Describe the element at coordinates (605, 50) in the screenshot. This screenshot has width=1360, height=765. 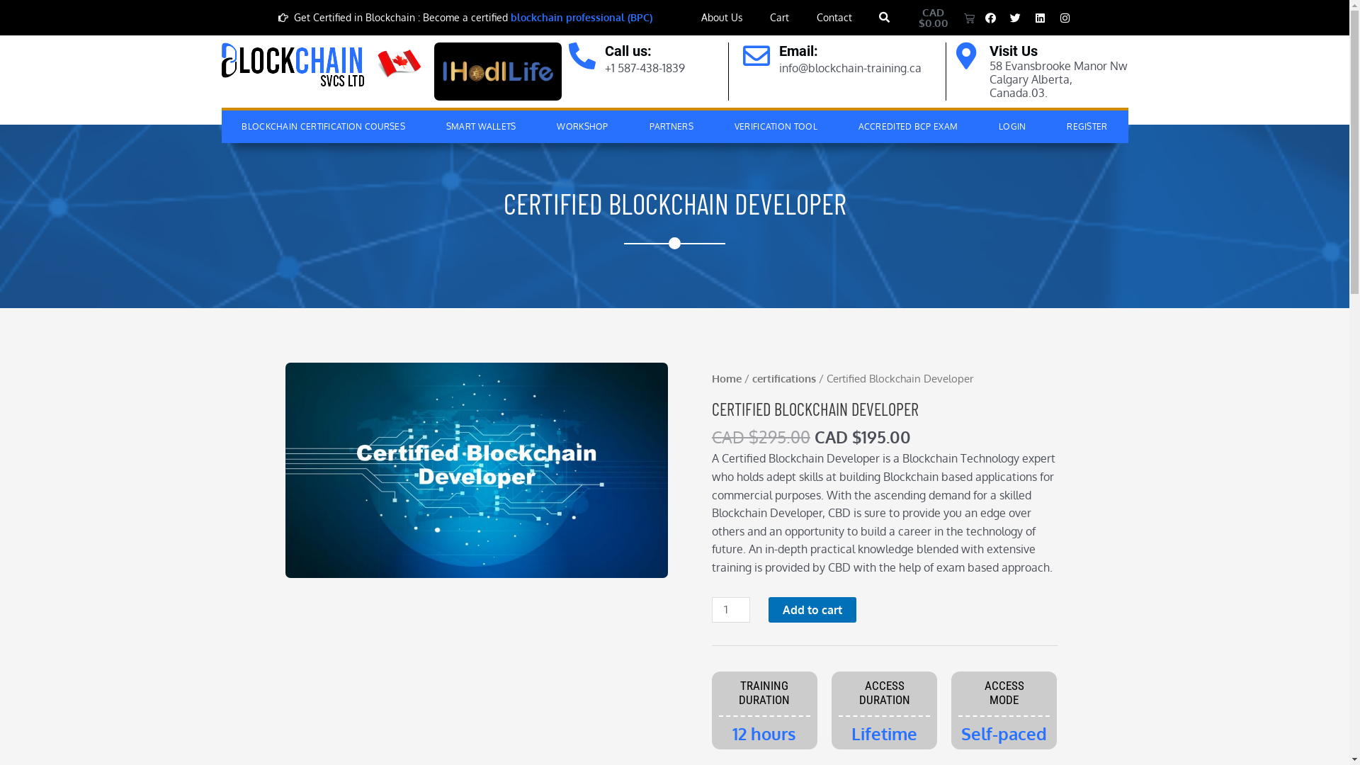
I see `'Call us:'` at that location.